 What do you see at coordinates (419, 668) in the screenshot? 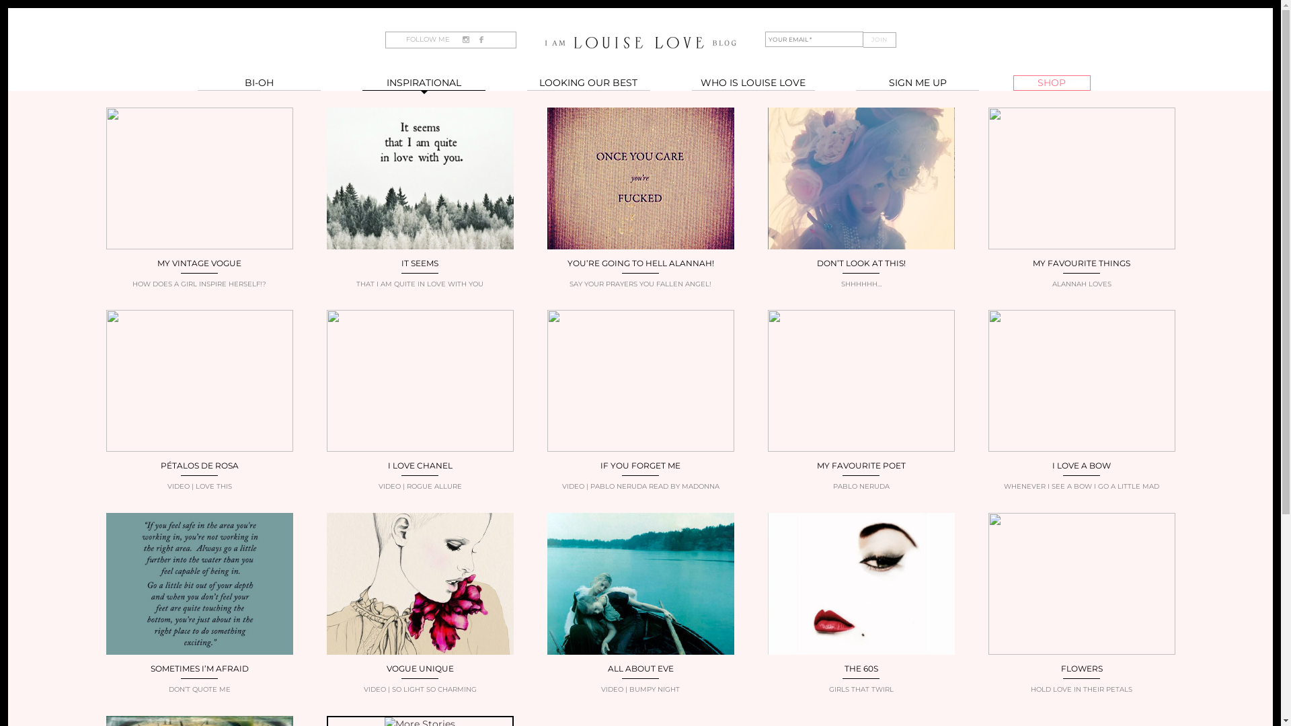
I see `'VOGUE UNIQUE'` at bounding box center [419, 668].